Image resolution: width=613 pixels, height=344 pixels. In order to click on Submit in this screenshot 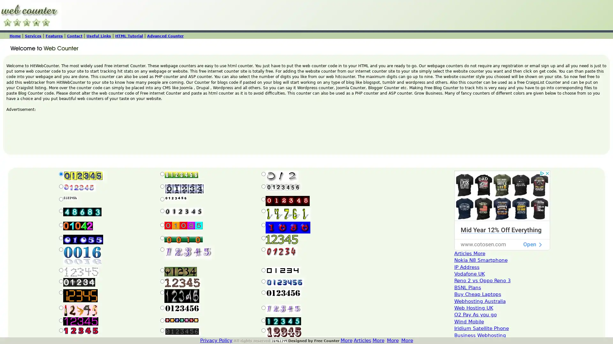, I will do `click(183, 211)`.